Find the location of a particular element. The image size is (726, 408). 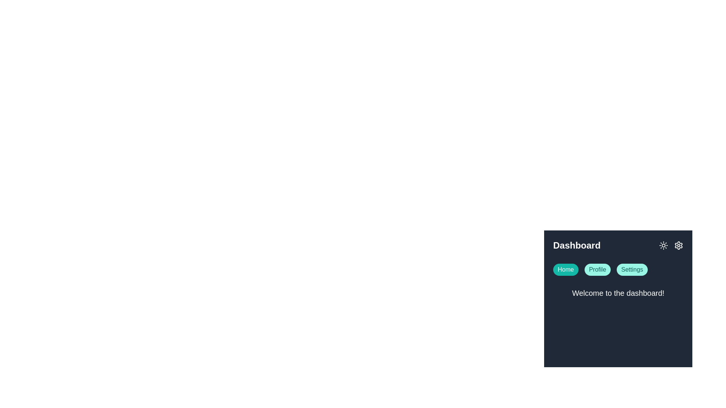

the 'Home' button with a teal background and white text, located at the top-right corner of the window under the 'Dashboard' heading is located at coordinates (566, 269).